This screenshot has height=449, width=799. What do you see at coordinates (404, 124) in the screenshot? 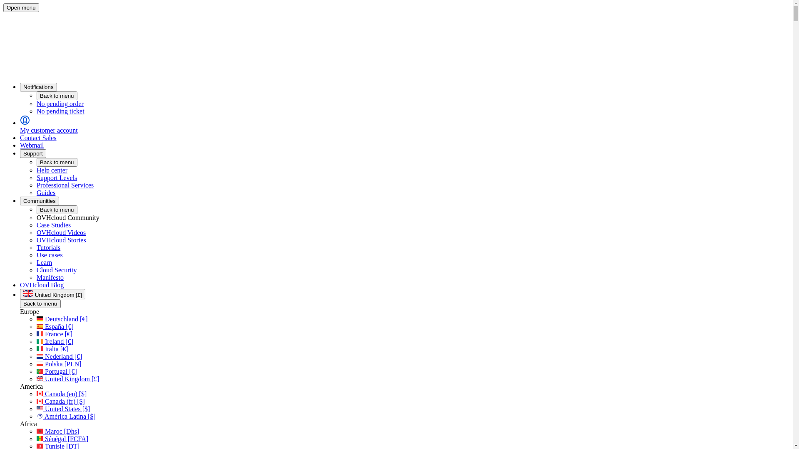
I see `'My customer account'` at bounding box center [404, 124].